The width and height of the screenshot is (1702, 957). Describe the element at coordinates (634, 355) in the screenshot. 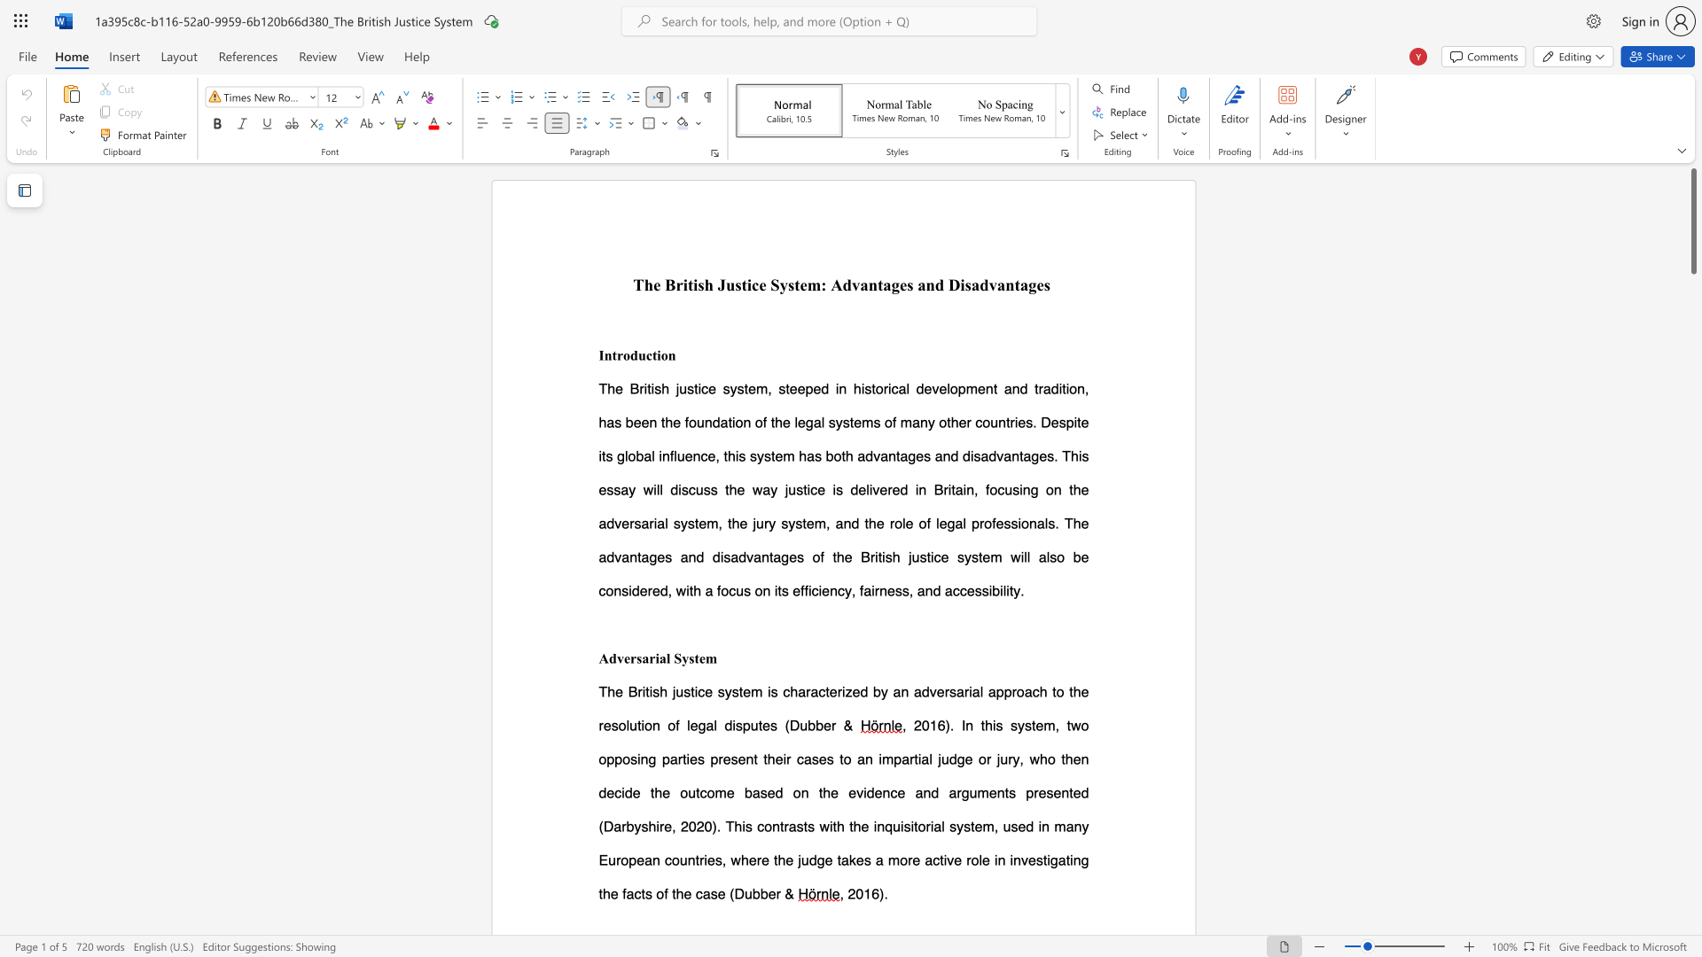

I see `the 1th character "d" in the text` at that location.